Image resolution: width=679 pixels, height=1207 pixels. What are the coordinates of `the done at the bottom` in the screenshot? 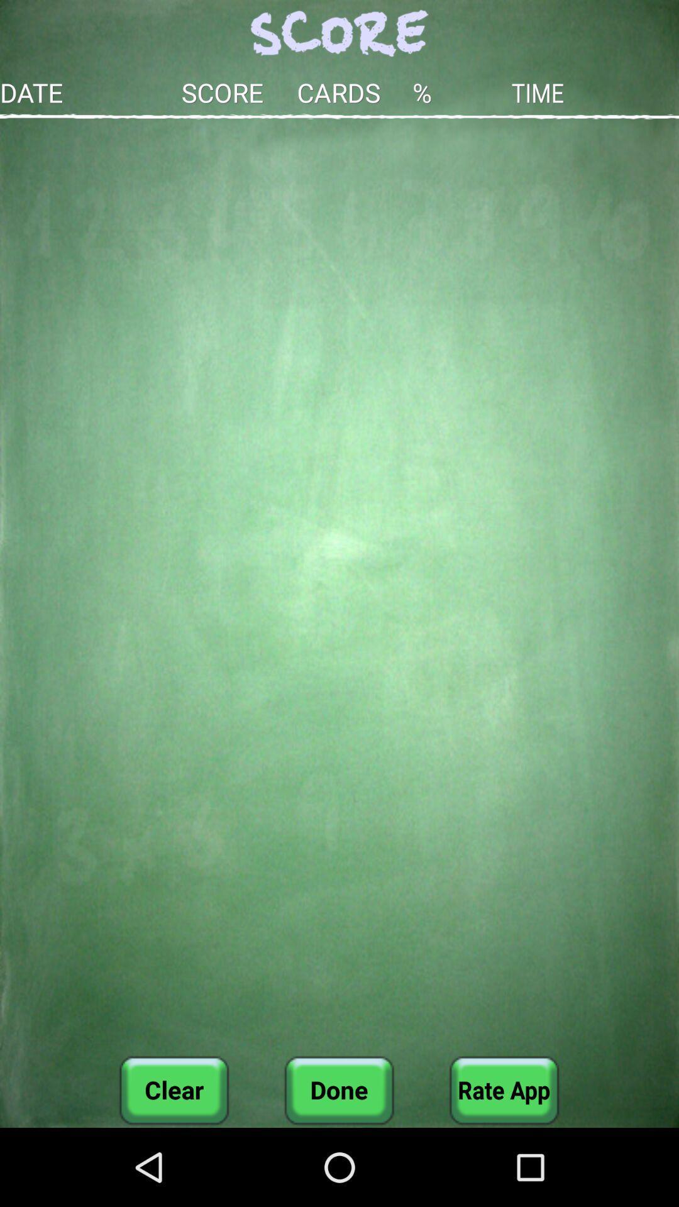 It's located at (338, 1089).